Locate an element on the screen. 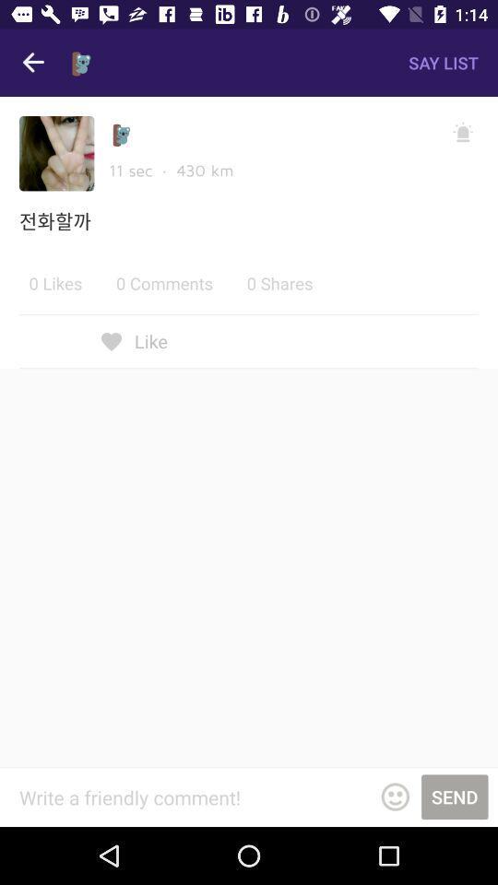  the emoji icon is located at coordinates (394, 796).